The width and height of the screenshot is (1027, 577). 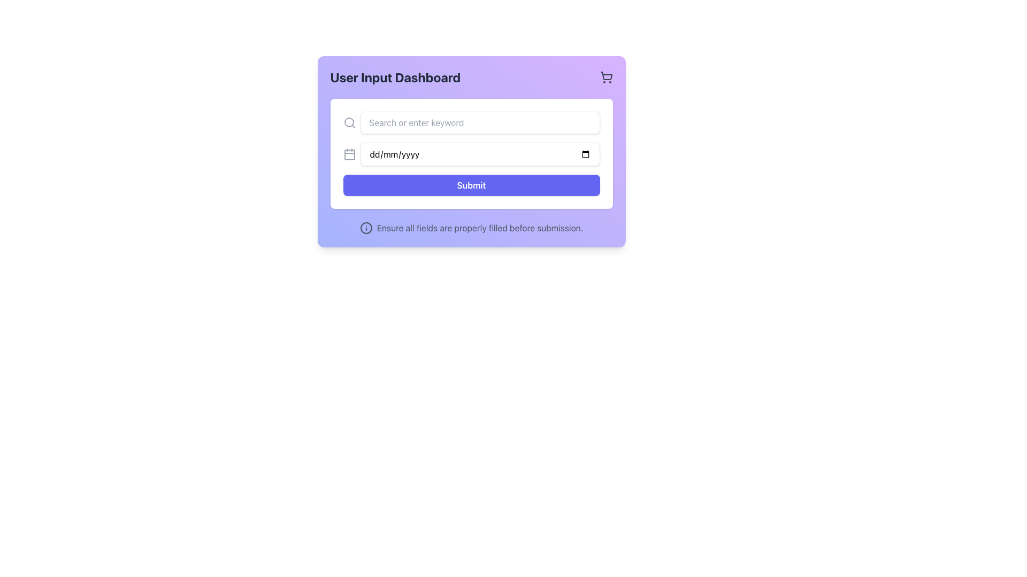 What do you see at coordinates (366, 228) in the screenshot?
I see `the small circular Informational Icon located to the left of the text 'Ensure all fields are properly filled before submission.'` at bounding box center [366, 228].